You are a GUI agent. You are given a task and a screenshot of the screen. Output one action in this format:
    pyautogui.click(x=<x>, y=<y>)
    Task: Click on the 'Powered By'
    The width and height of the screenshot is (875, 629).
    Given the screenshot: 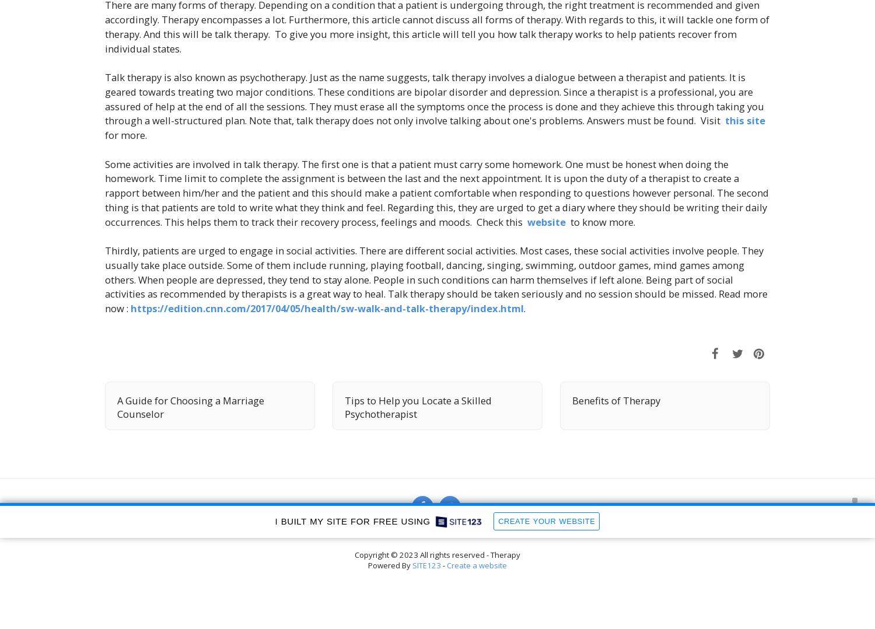 What is the action you would take?
    pyautogui.click(x=390, y=565)
    